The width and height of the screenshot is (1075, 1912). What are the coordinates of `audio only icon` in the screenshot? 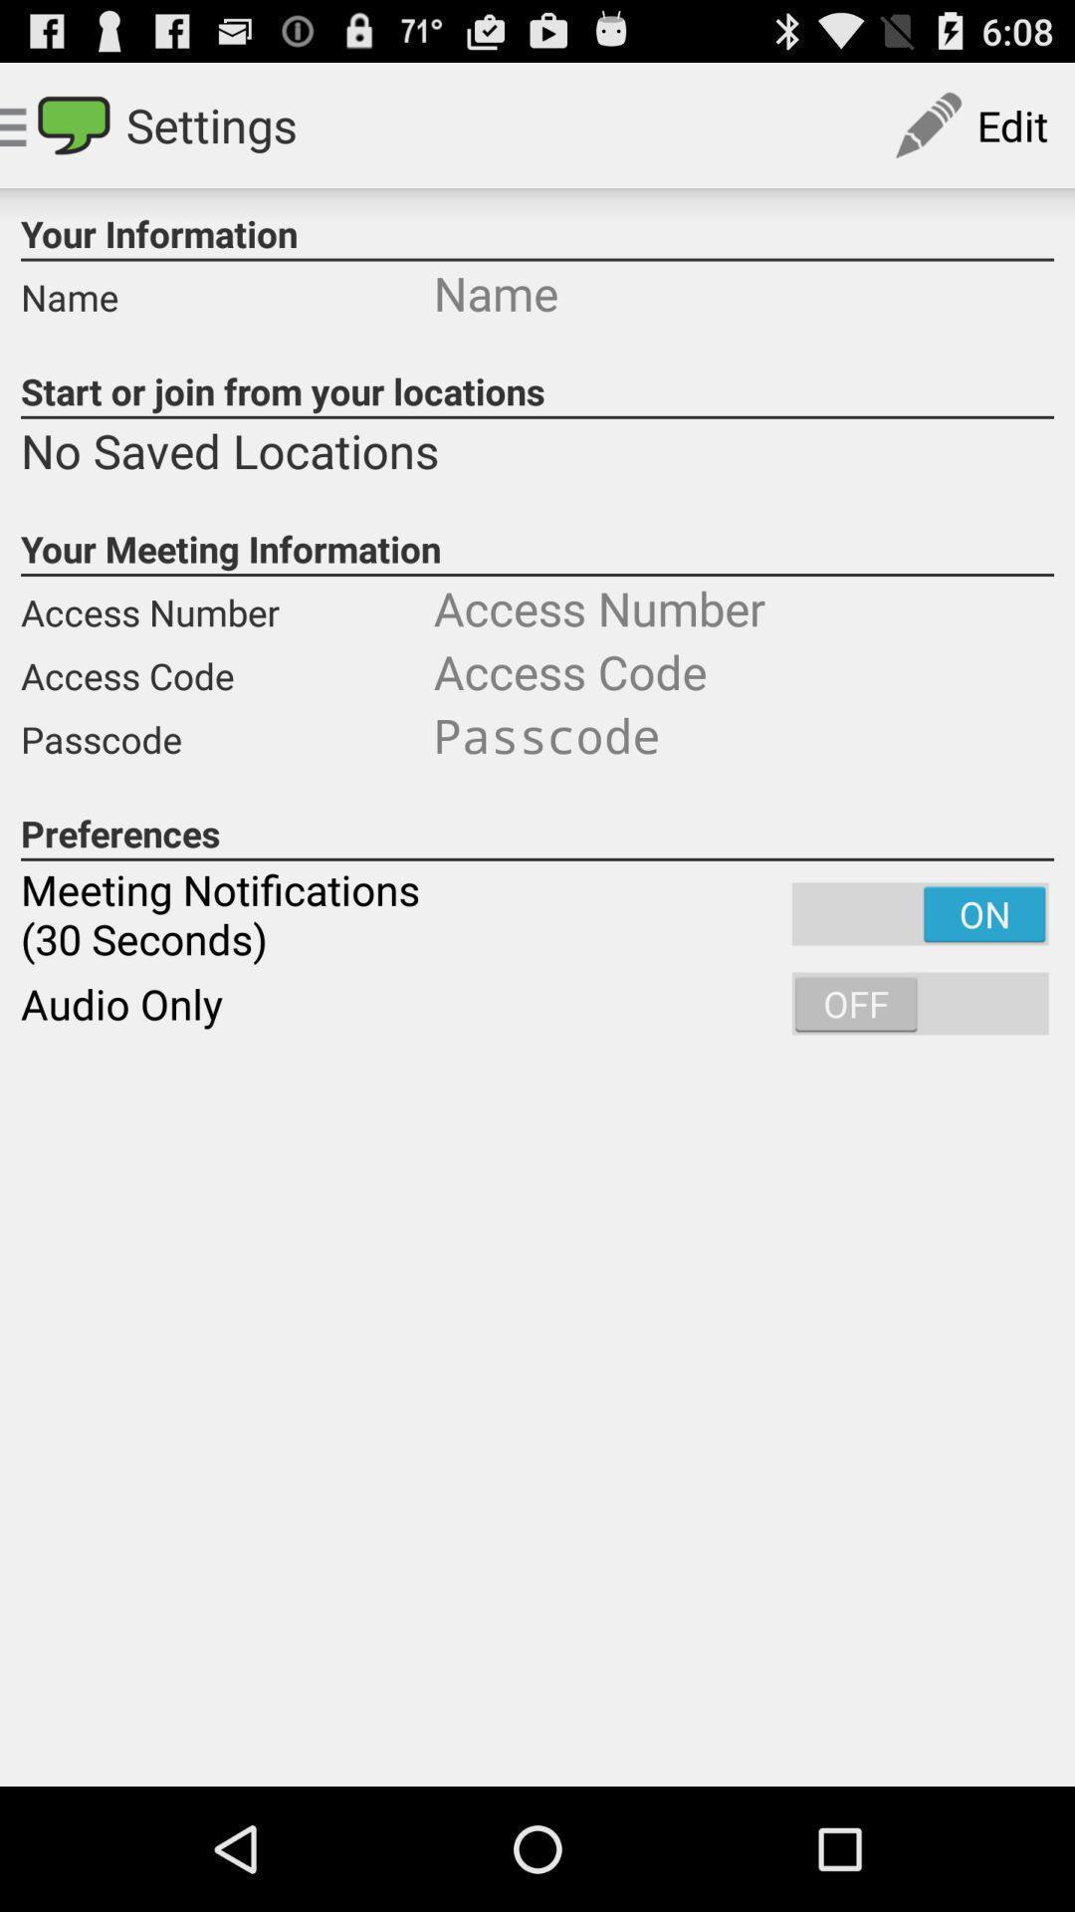 It's located at (537, 1004).